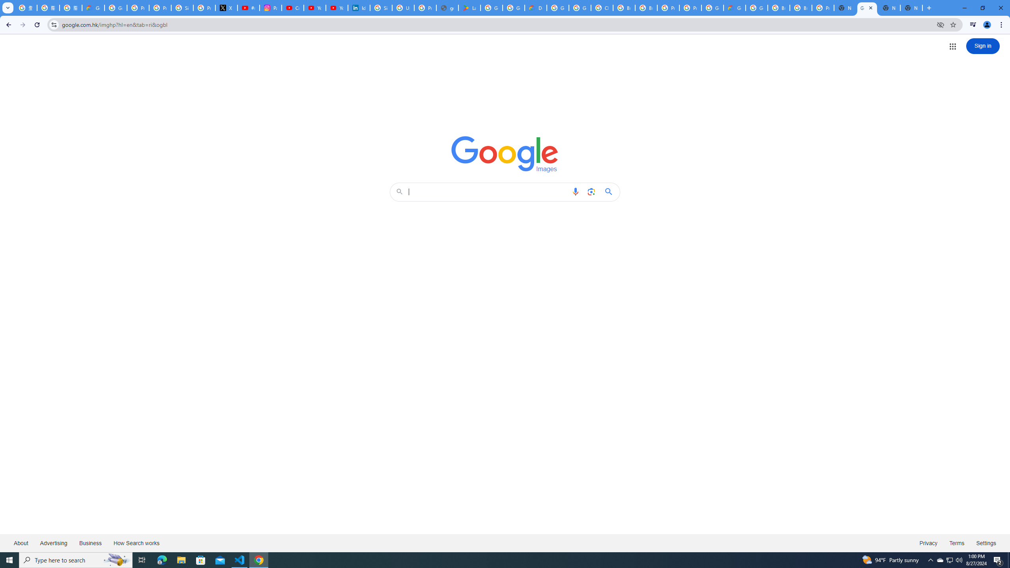  Describe the element at coordinates (712, 7) in the screenshot. I see `'Google Cloud Platform'` at that location.